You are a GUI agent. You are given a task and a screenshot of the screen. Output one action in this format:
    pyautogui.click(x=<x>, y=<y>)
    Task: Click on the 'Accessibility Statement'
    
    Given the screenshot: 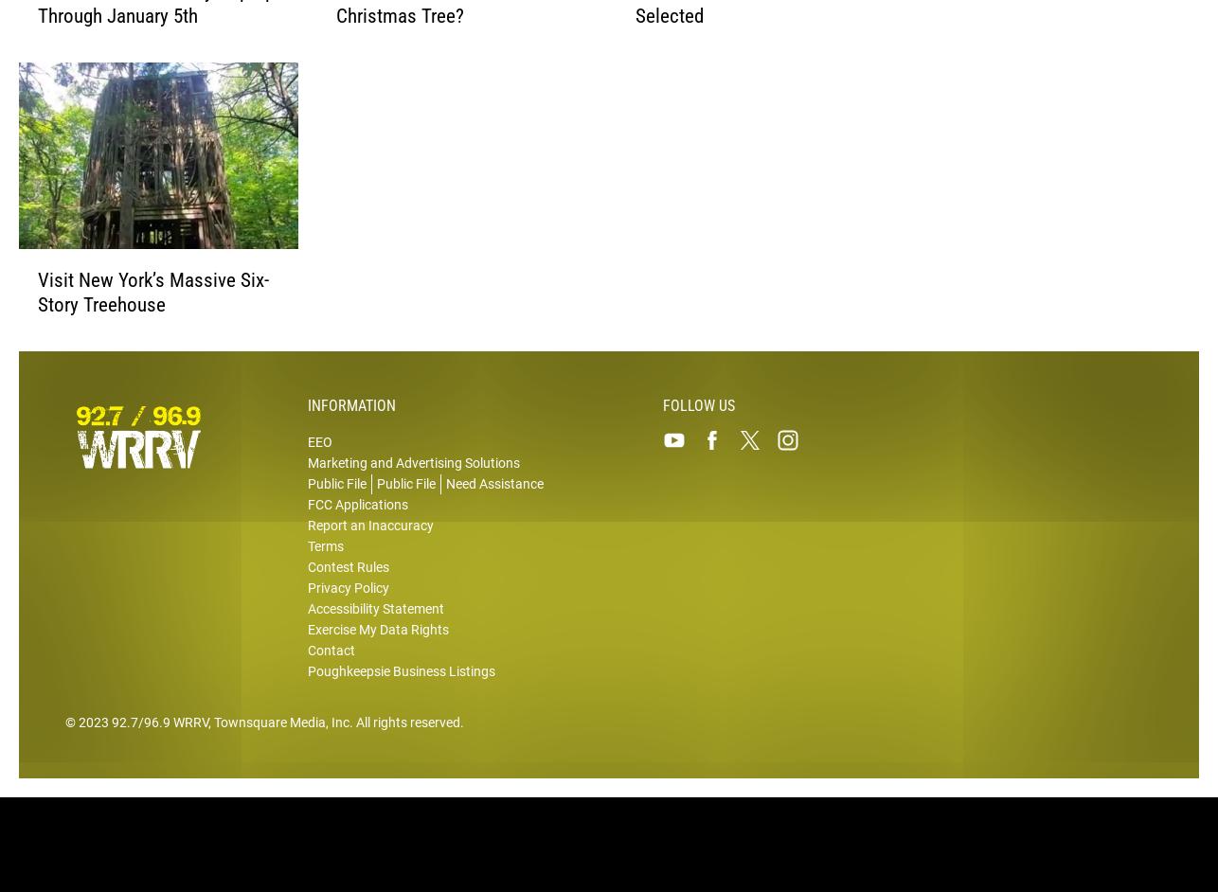 What is the action you would take?
    pyautogui.click(x=374, y=618)
    